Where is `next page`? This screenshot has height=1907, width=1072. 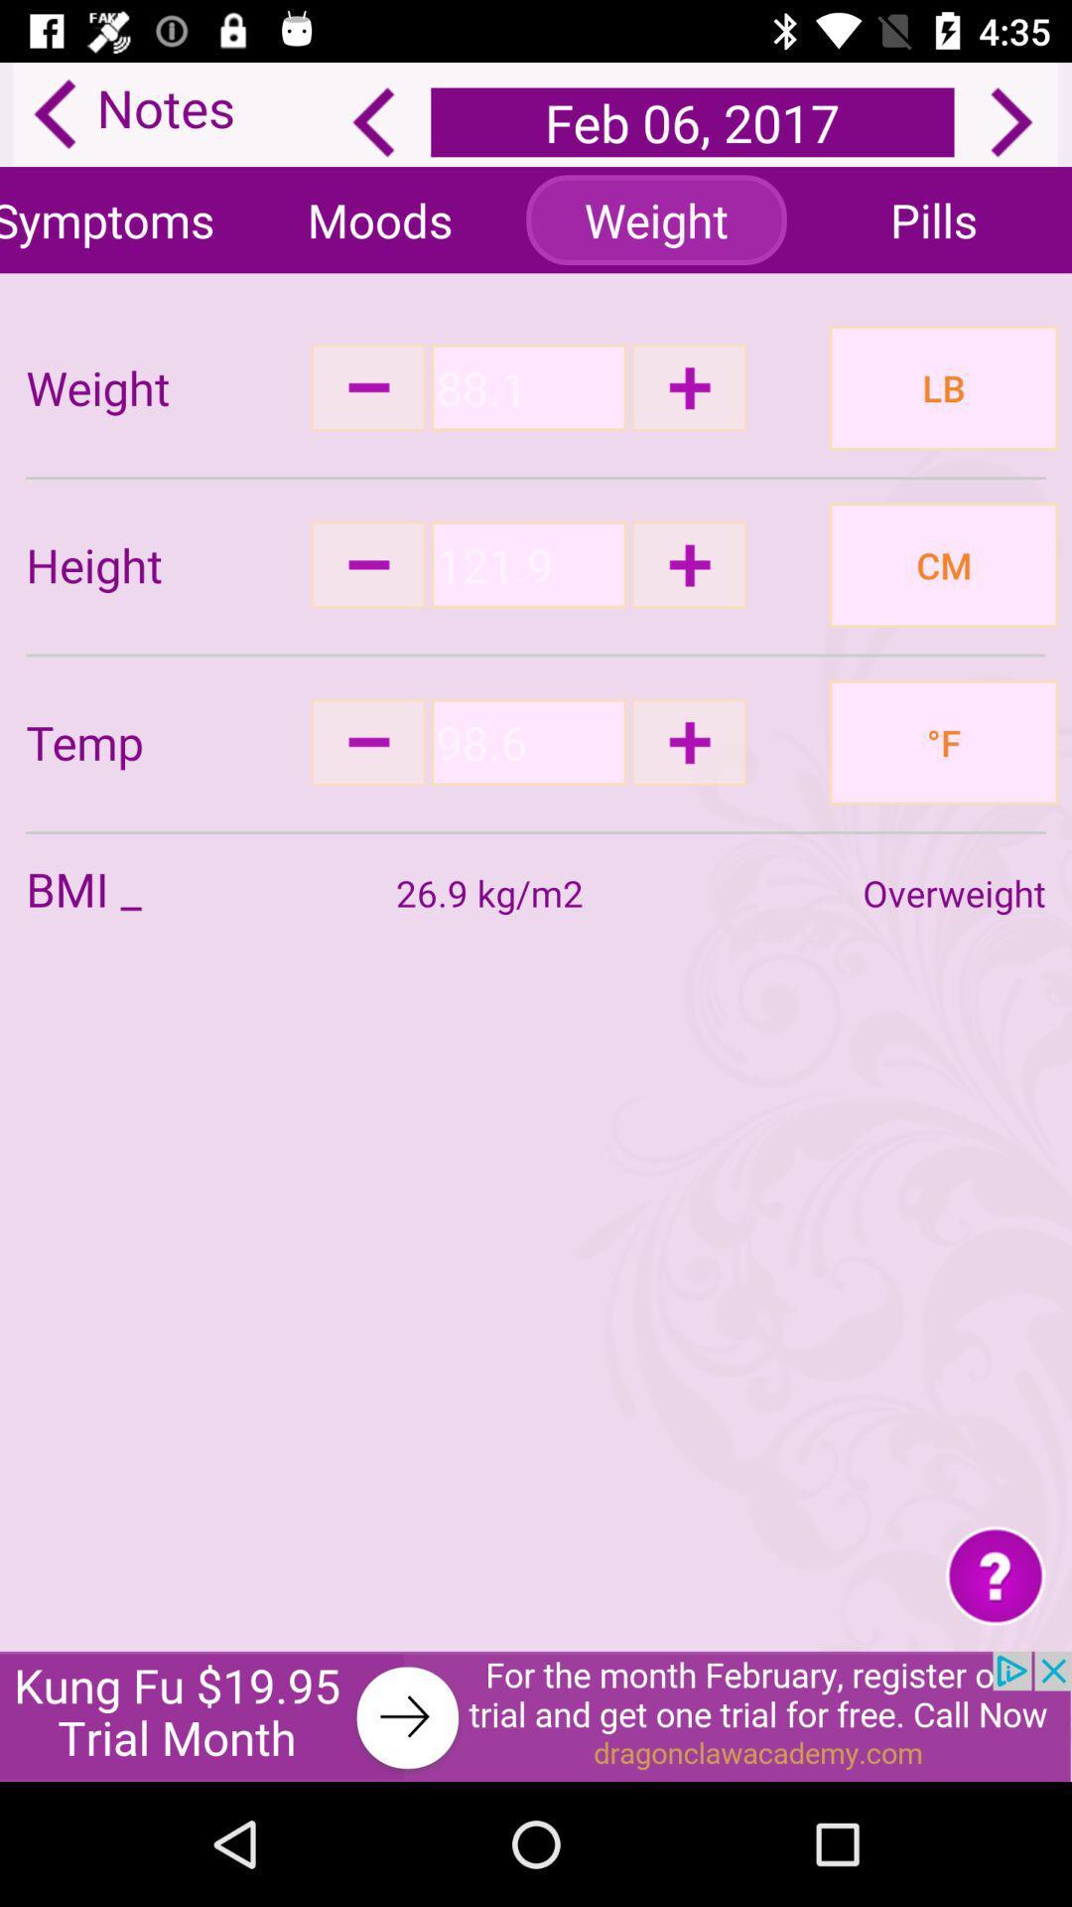 next page is located at coordinates (1011, 121).